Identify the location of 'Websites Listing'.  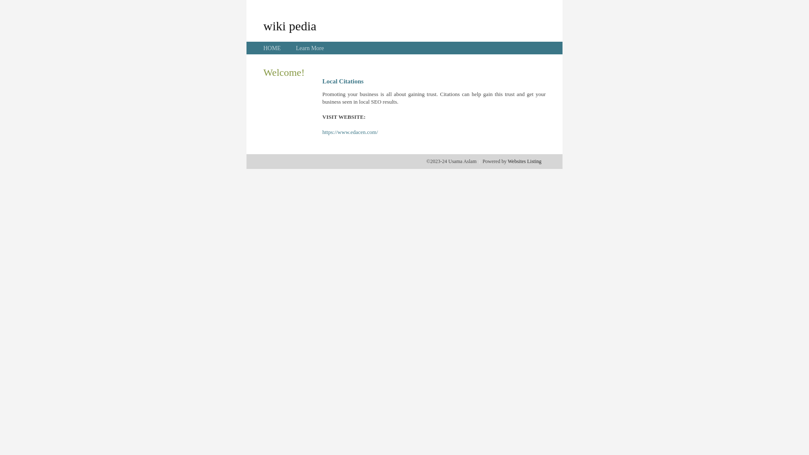
(524, 161).